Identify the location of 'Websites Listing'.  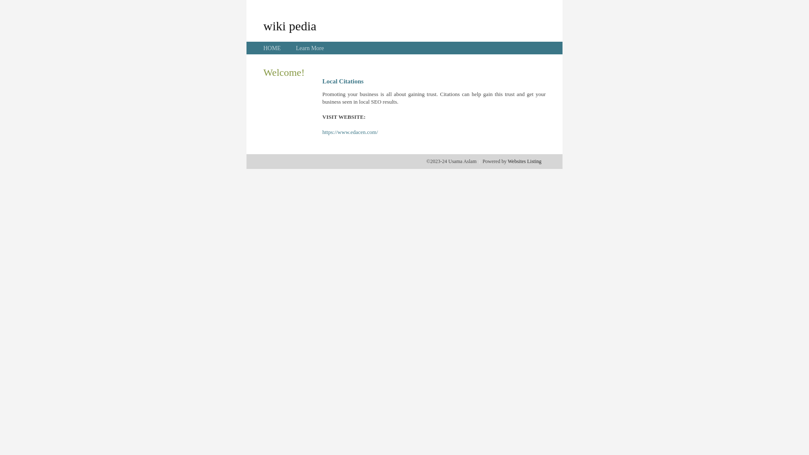
(524, 161).